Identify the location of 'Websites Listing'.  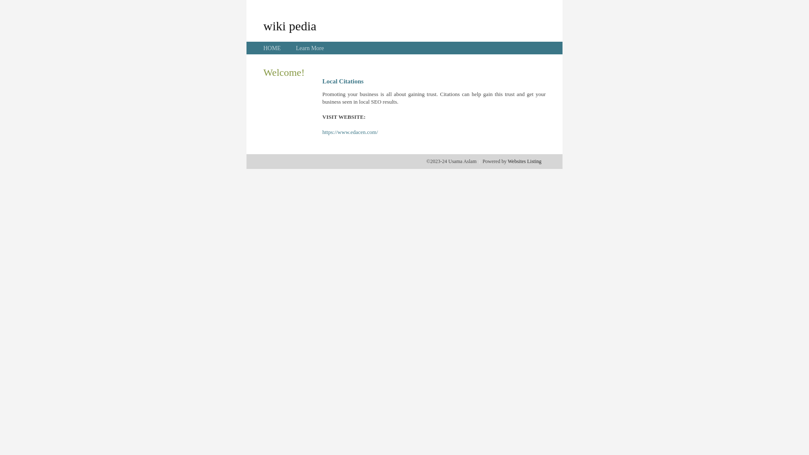
(524, 161).